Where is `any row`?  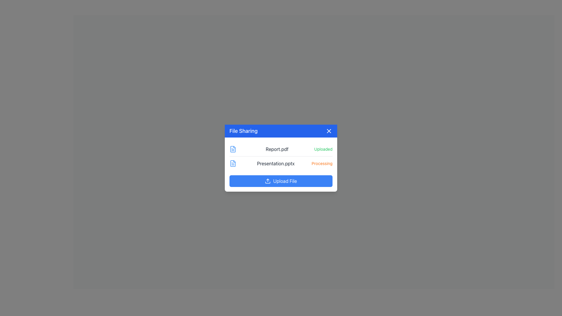
any row is located at coordinates (281, 156).